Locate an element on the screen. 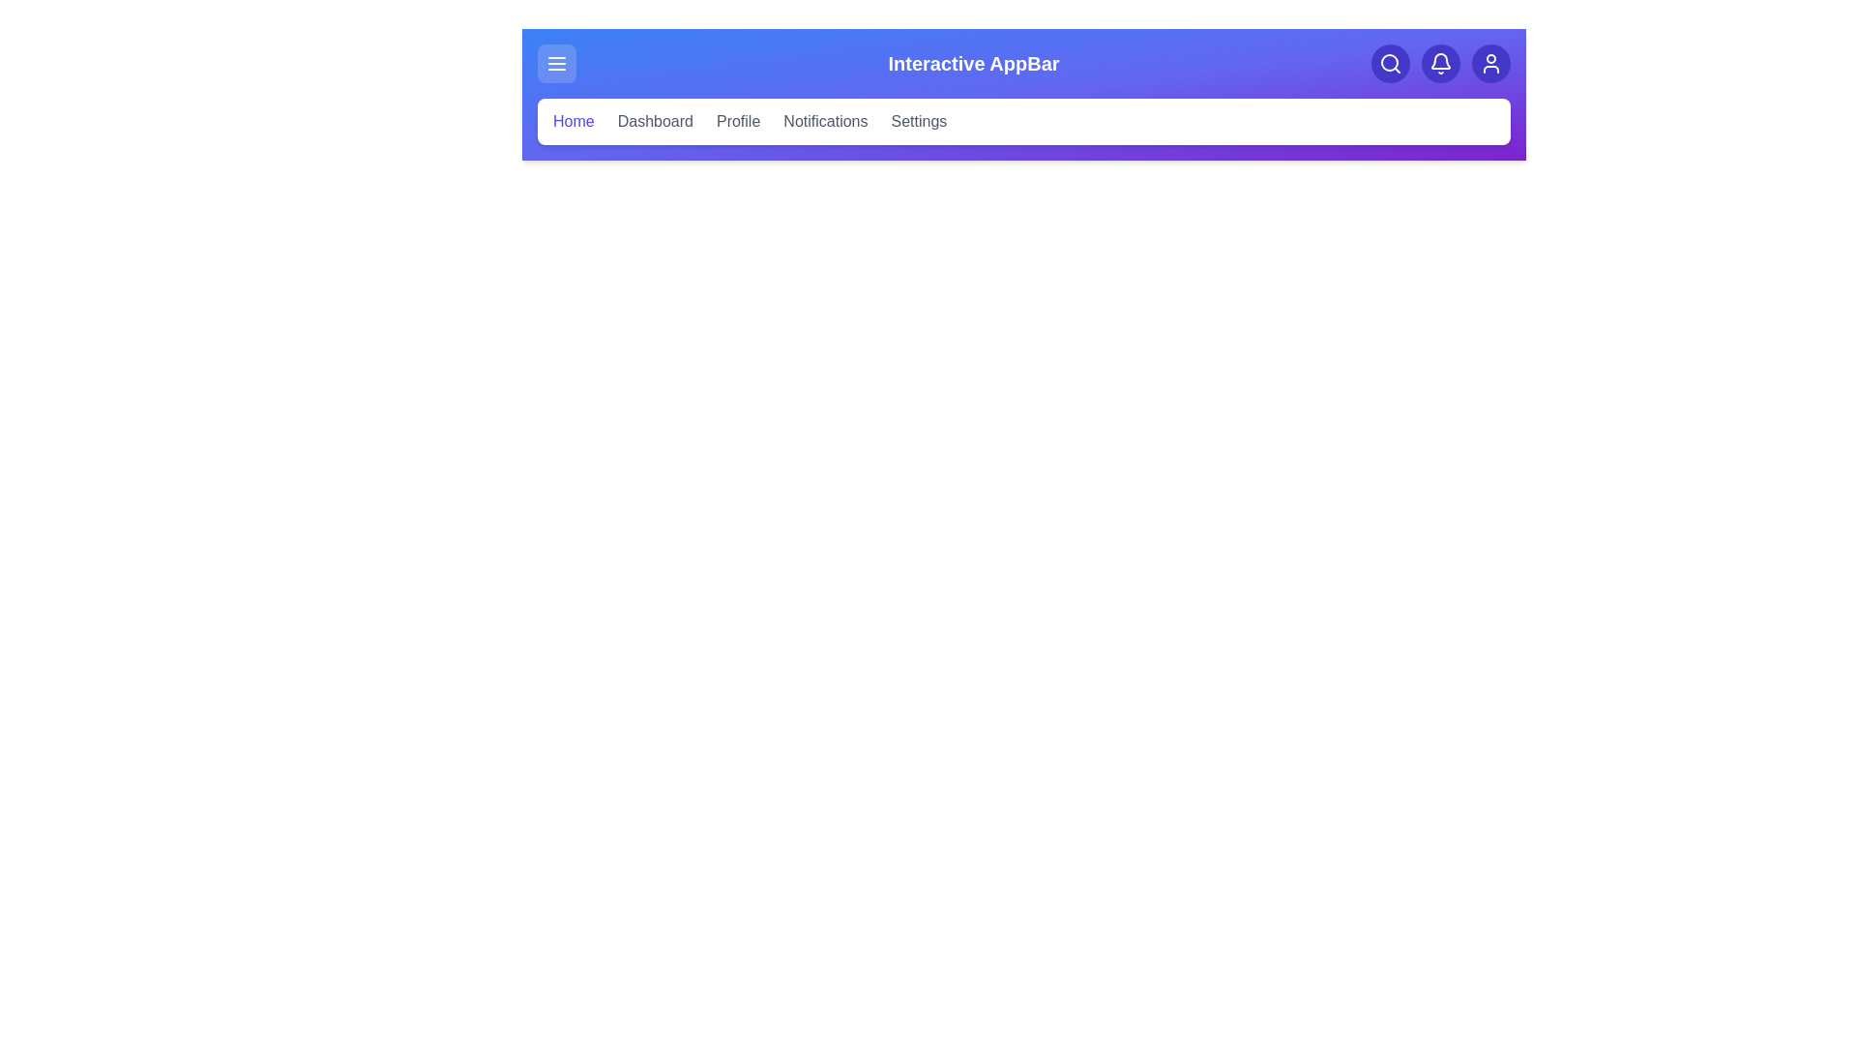  the category Settings to navigate is located at coordinates (918, 122).